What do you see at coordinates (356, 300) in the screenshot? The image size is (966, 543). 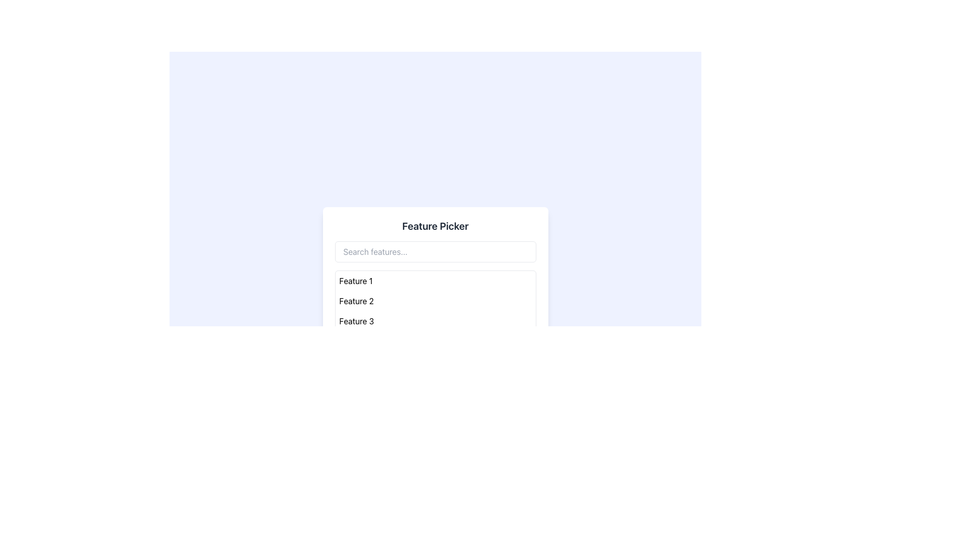 I see `the text label displaying 'Feature 2', which is the second item in a vertical list of feature labels, positioned between 'Feature 1' and 'Feature 3'` at bounding box center [356, 300].